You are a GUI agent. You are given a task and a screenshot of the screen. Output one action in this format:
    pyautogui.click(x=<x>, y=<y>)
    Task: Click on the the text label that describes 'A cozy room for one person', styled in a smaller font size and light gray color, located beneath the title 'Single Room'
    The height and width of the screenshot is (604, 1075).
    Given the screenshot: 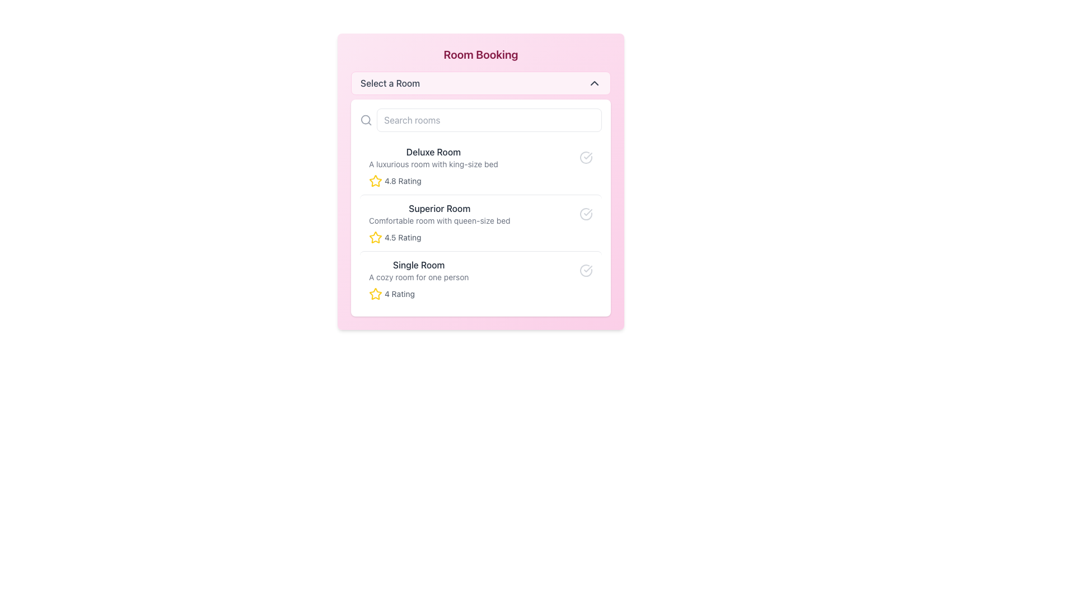 What is the action you would take?
    pyautogui.click(x=418, y=277)
    